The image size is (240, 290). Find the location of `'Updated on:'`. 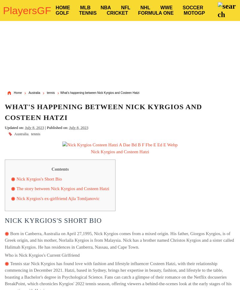

'Updated on:' is located at coordinates (5, 127).